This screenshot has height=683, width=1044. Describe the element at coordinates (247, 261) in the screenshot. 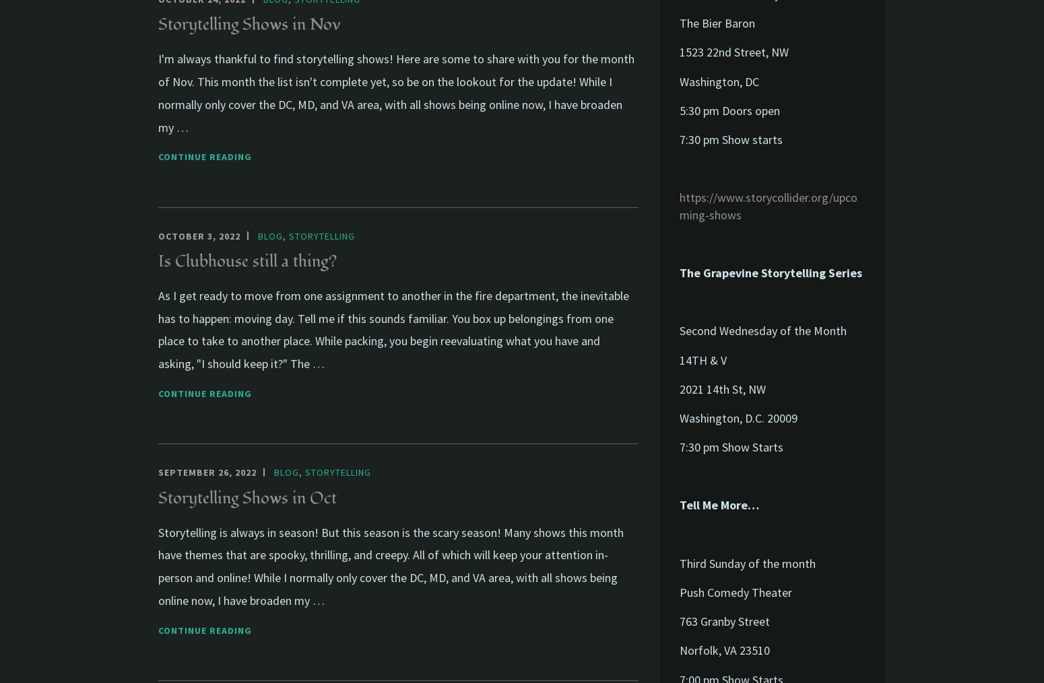

I see `'Is Clubhouse still a thing?'` at that location.